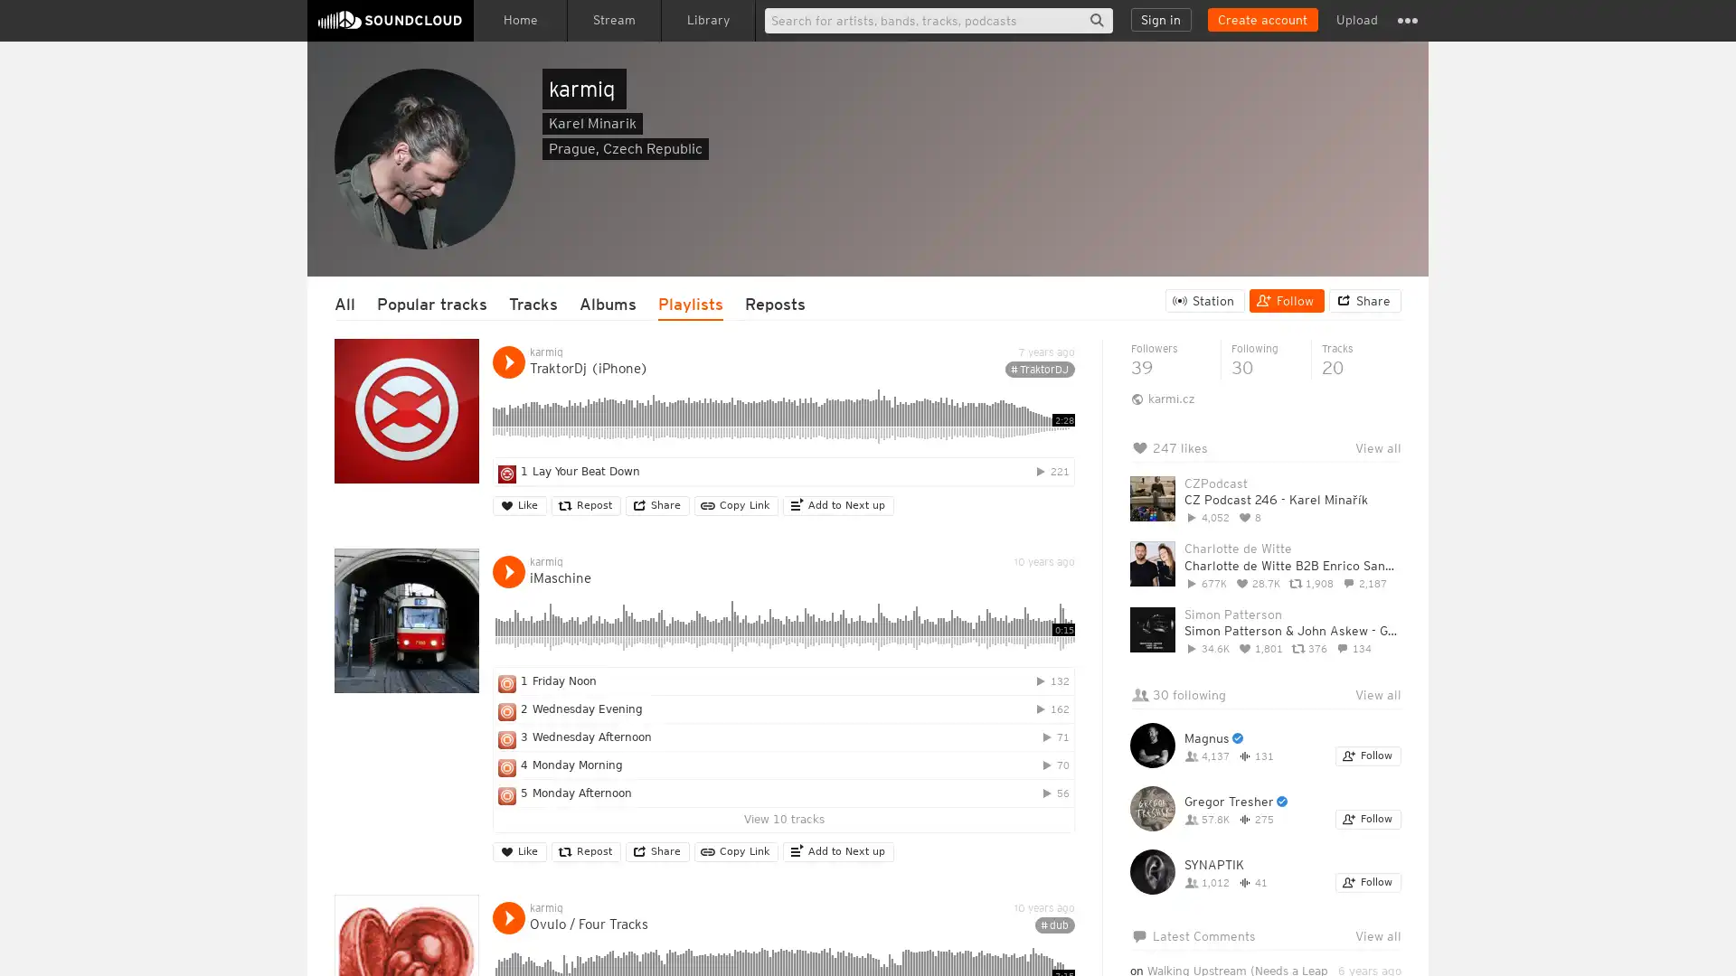 Image resolution: width=1736 pixels, height=976 pixels. Describe the element at coordinates (519, 851) in the screenshot. I see `Like` at that location.